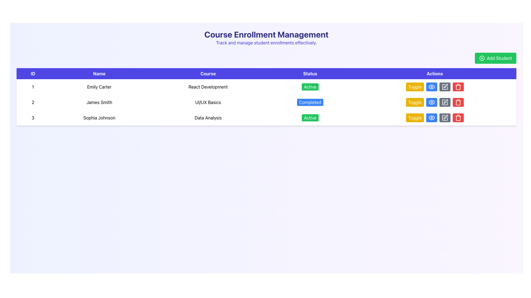 The width and height of the screenshot is (531, 298). I want to click on the editing icon located in the Actions column of the table for the entry 'Sophia Johnson', so click(445, 118).